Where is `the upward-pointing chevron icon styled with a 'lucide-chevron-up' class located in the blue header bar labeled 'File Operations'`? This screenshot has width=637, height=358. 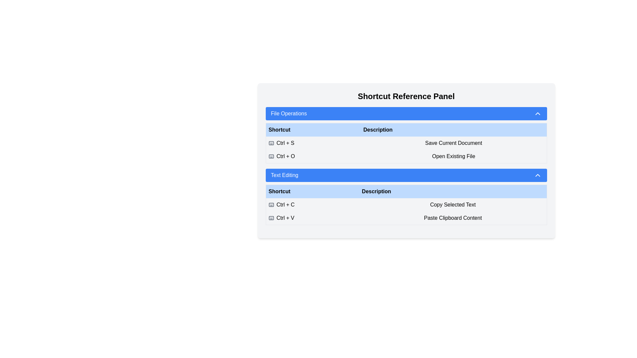 the upward-pointing chevron icon styled with a 'lucide-chevron-up' class located in the blue header bar labeled 'File Operations' is located at coordinates (537, 113).